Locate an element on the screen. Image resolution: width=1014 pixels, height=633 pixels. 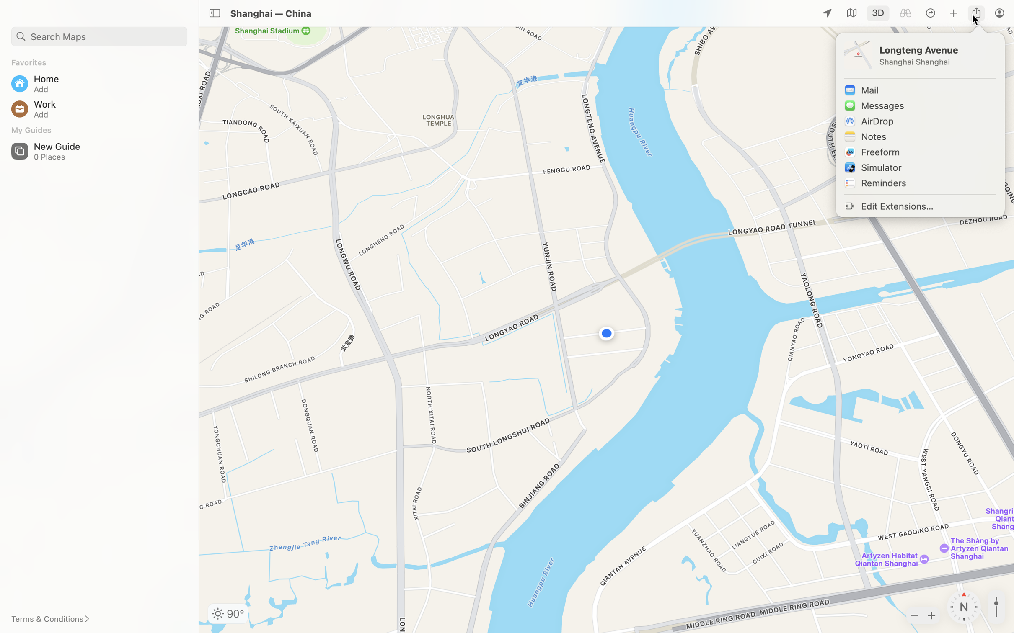
'Longteng Avenue' is located at coordinates (936, 49).